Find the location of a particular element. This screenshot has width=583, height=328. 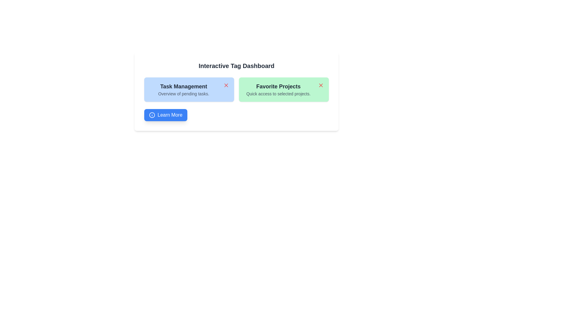

the descriptive text label providing additional information about the 'Favorite Projects' section, located in the second row beneath the 'Favorite Projects' heading in a green-tinted card is located at coordinates (278, 94).